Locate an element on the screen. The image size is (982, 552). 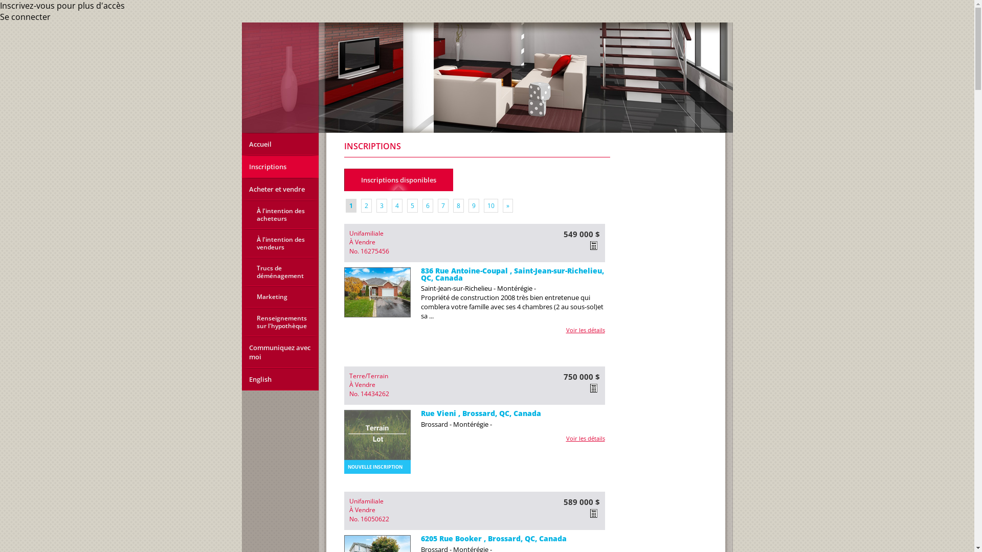
'Accueil' is located at coordinates (280, 144).